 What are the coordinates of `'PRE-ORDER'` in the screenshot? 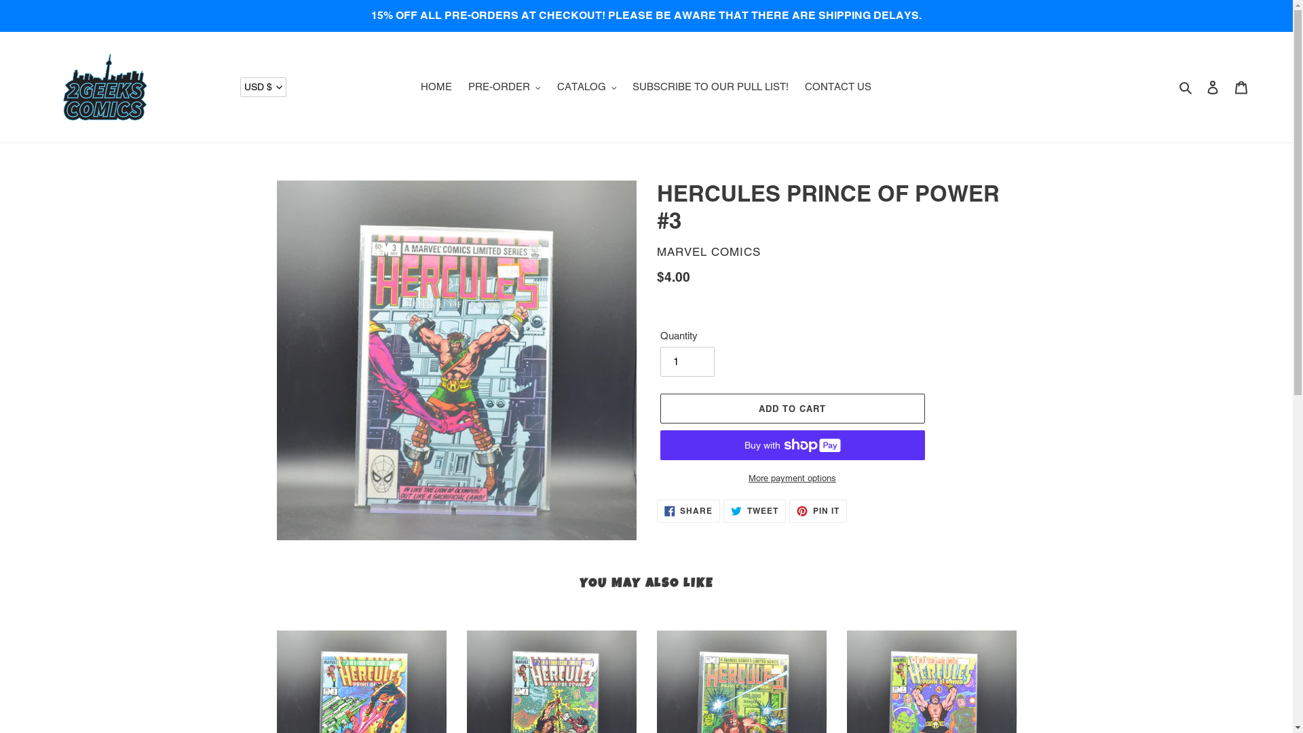 It's located at (461, 87).